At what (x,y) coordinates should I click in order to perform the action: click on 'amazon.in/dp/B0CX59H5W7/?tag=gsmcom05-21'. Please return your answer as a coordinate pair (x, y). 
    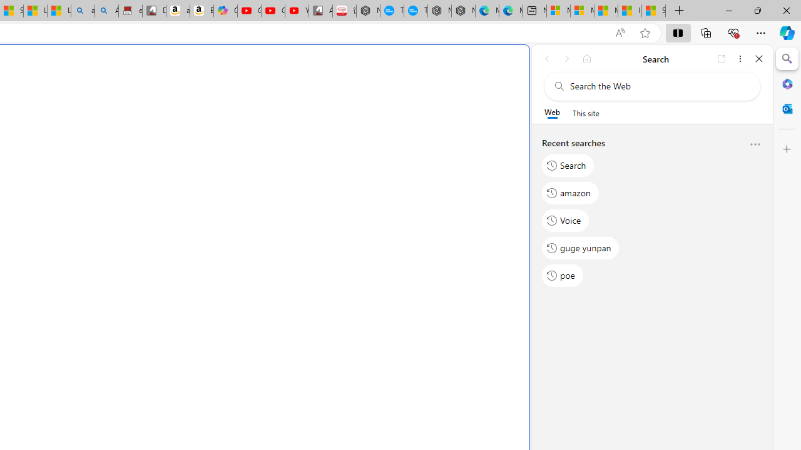
    Looking at the image, I should click on (177, 11).